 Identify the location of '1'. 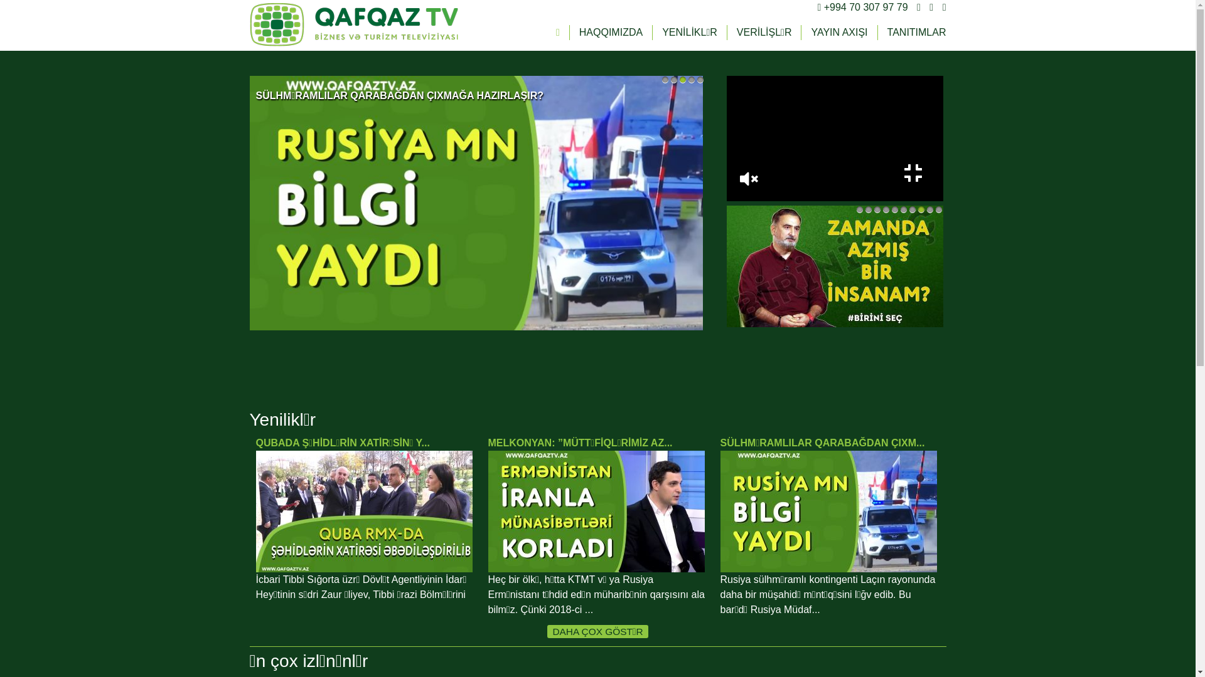
(665, 80).